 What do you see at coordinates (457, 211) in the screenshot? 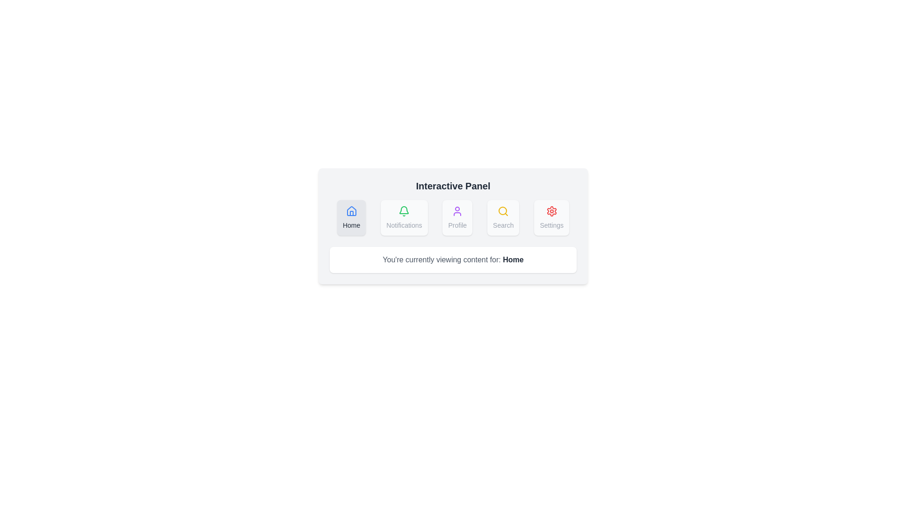
I see `the purple user icon displayed in a circular design, located above the text 'Profile' in the third button of the horizontal row of options` at bounding box center [457, 211].